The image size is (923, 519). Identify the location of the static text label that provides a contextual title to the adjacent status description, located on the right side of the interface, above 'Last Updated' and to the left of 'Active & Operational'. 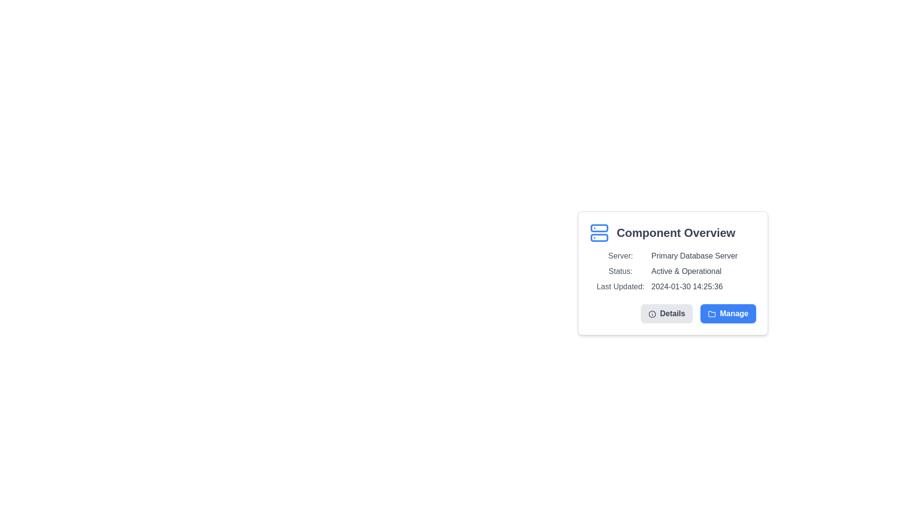
(621, 271).